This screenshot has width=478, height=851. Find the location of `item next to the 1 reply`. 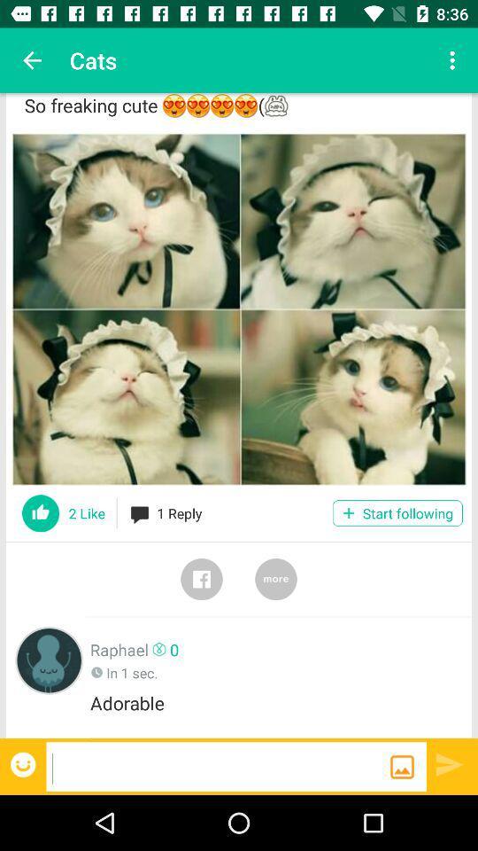

item next to the 1 reply is located at coordinates (397, 513).